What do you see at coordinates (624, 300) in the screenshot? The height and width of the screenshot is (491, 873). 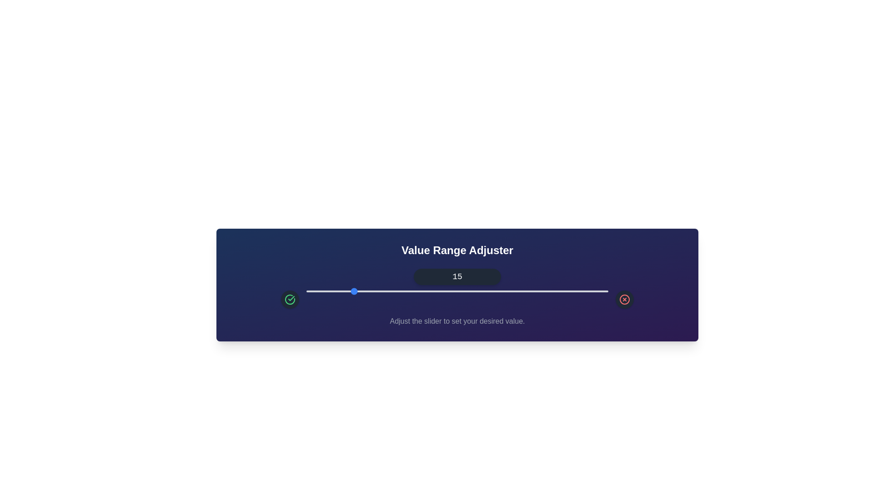 I see `the red cross icon to decrease the value by 5` at bounding box center [624, 300].